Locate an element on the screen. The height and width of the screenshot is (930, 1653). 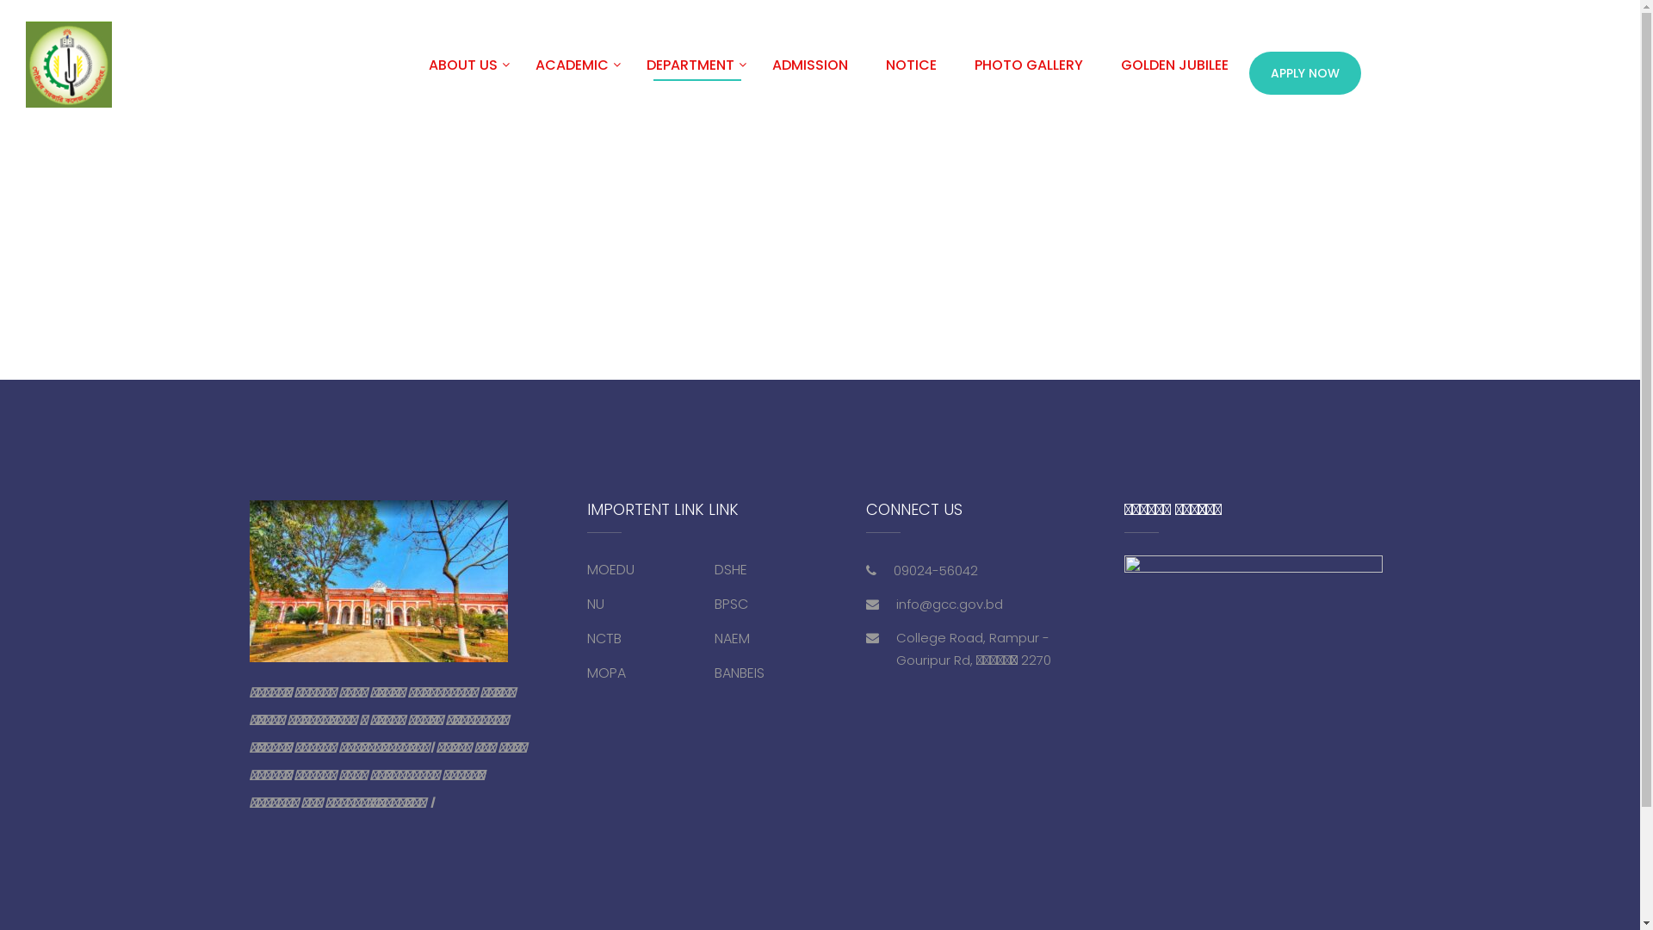
'NOTICE' is located at coordinates (868, 71).